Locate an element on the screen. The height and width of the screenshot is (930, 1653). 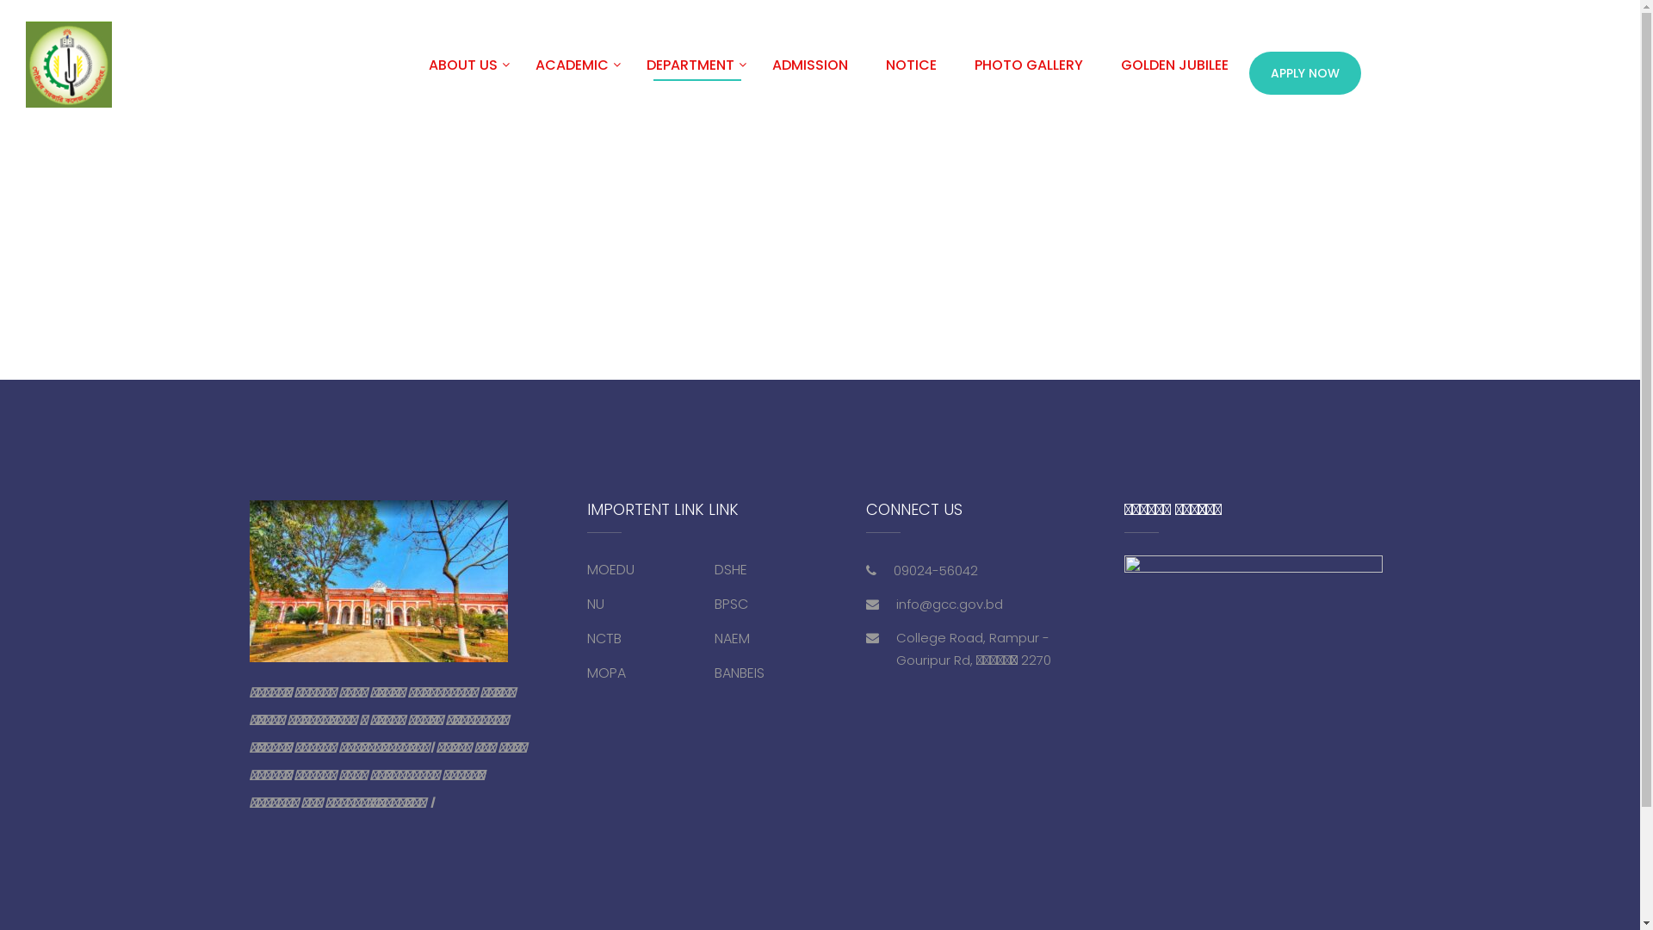
'NOTICE' is located at coordinates (868, 71).